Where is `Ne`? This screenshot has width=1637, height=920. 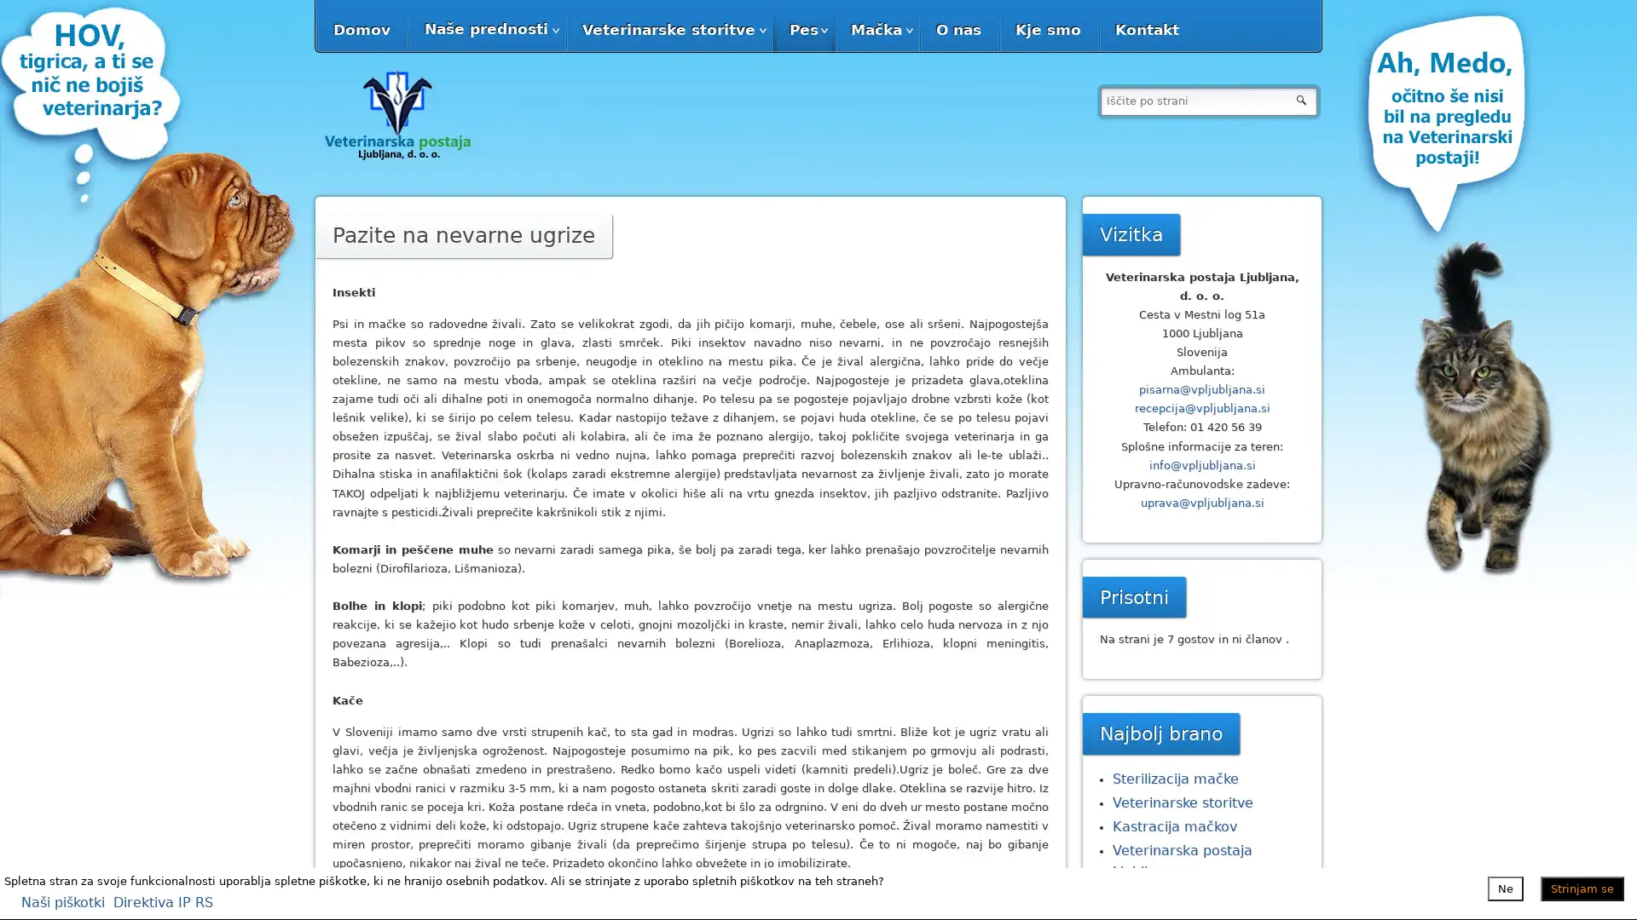 Ne is located at coordinates (1506, 887).